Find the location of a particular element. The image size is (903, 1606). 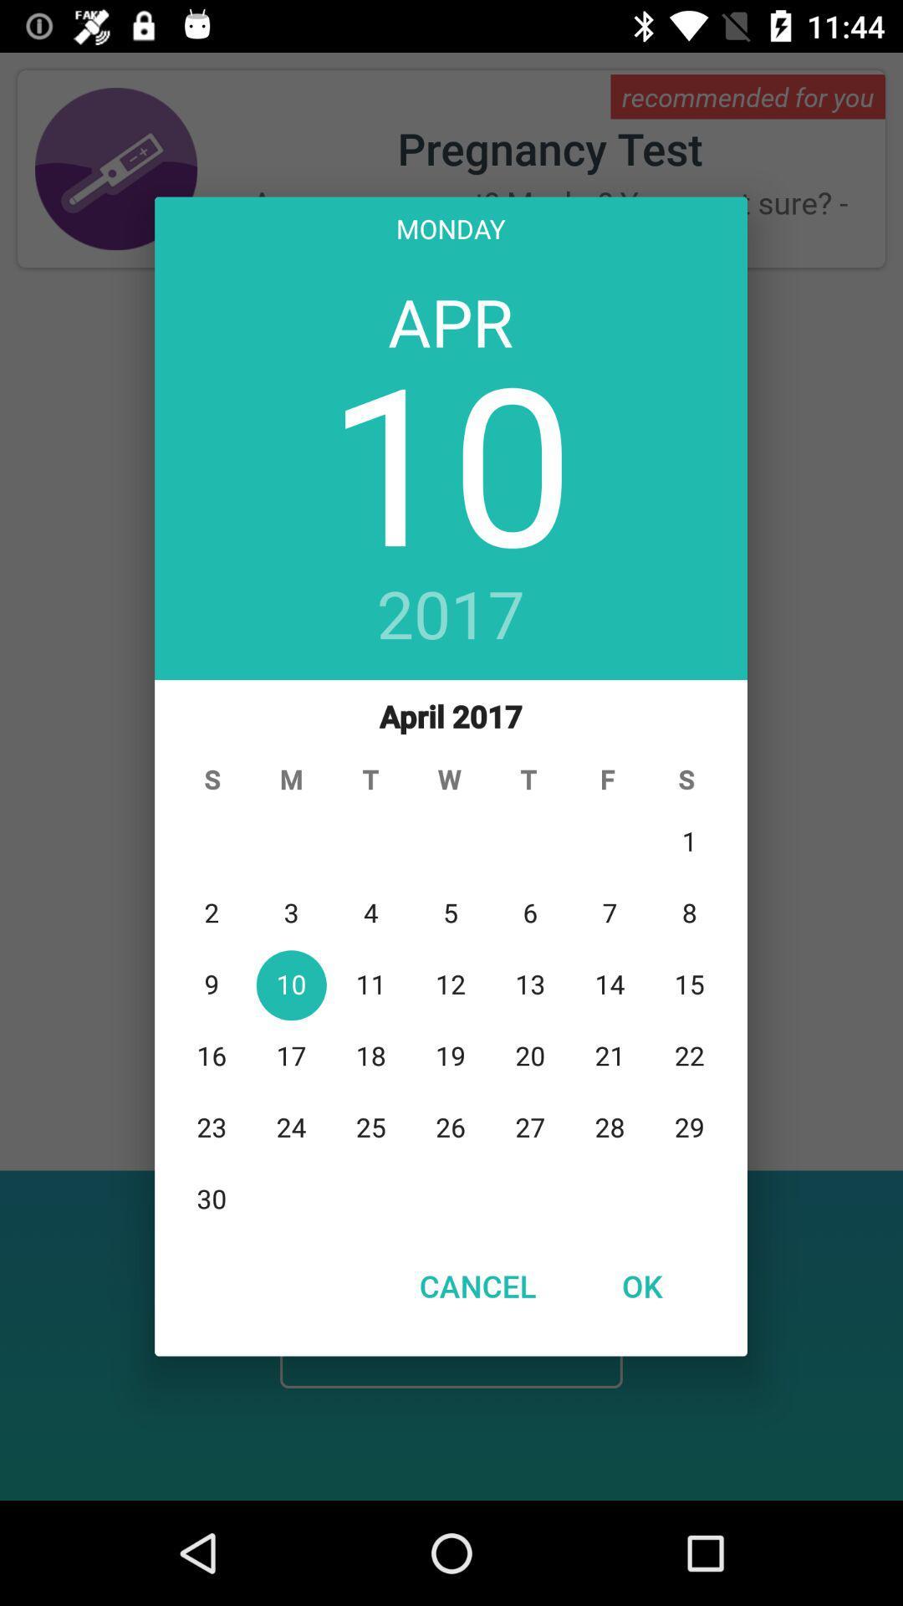

the 2017 is located at coordinates (450, 616).